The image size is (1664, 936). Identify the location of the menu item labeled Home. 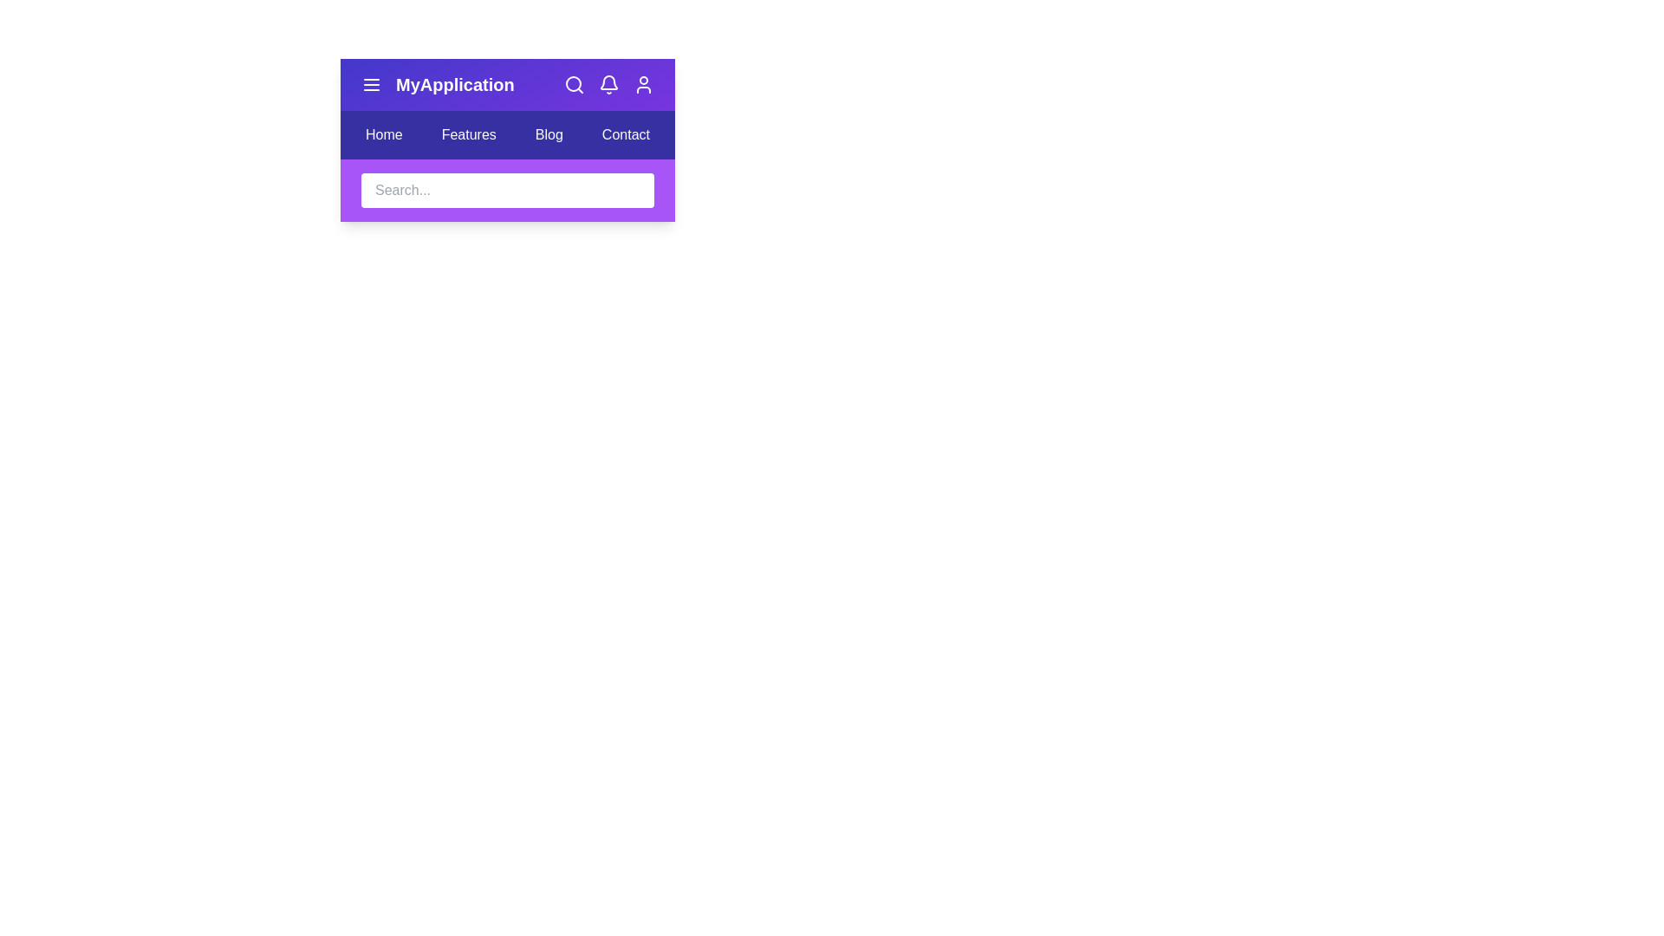
(382, 133).